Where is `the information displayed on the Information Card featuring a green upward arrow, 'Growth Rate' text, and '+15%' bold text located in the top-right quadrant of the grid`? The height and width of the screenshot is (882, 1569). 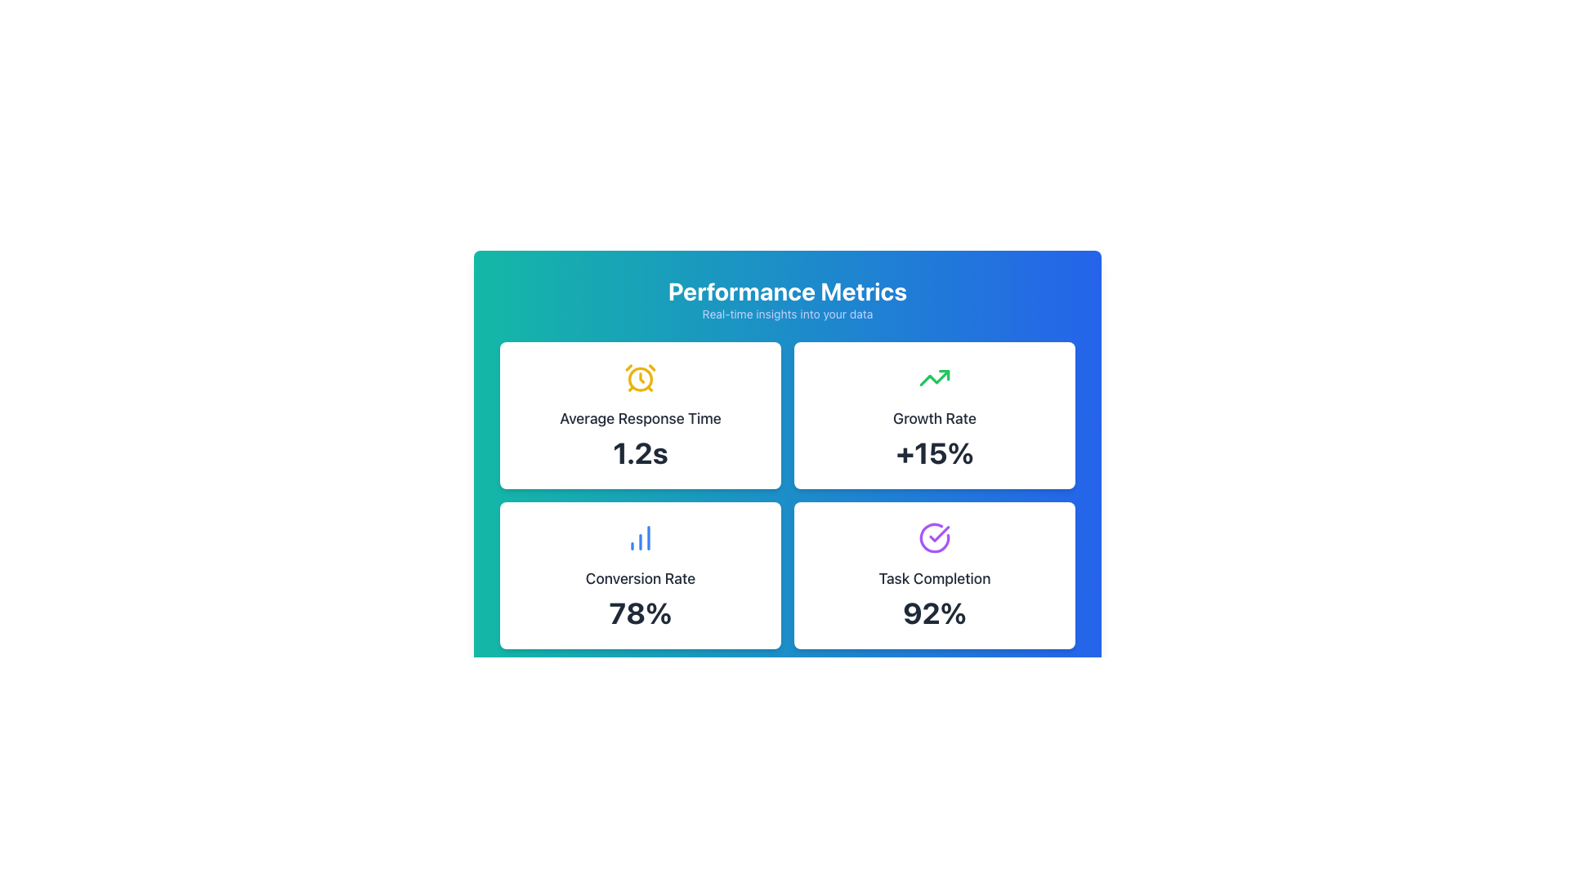 the information displayed on the Information Card featuring a green upward arrow, 'Growth Rate' text, and '+15%' bold text located in the top-right quadrant of the grid is located at coordinates (934, 415).